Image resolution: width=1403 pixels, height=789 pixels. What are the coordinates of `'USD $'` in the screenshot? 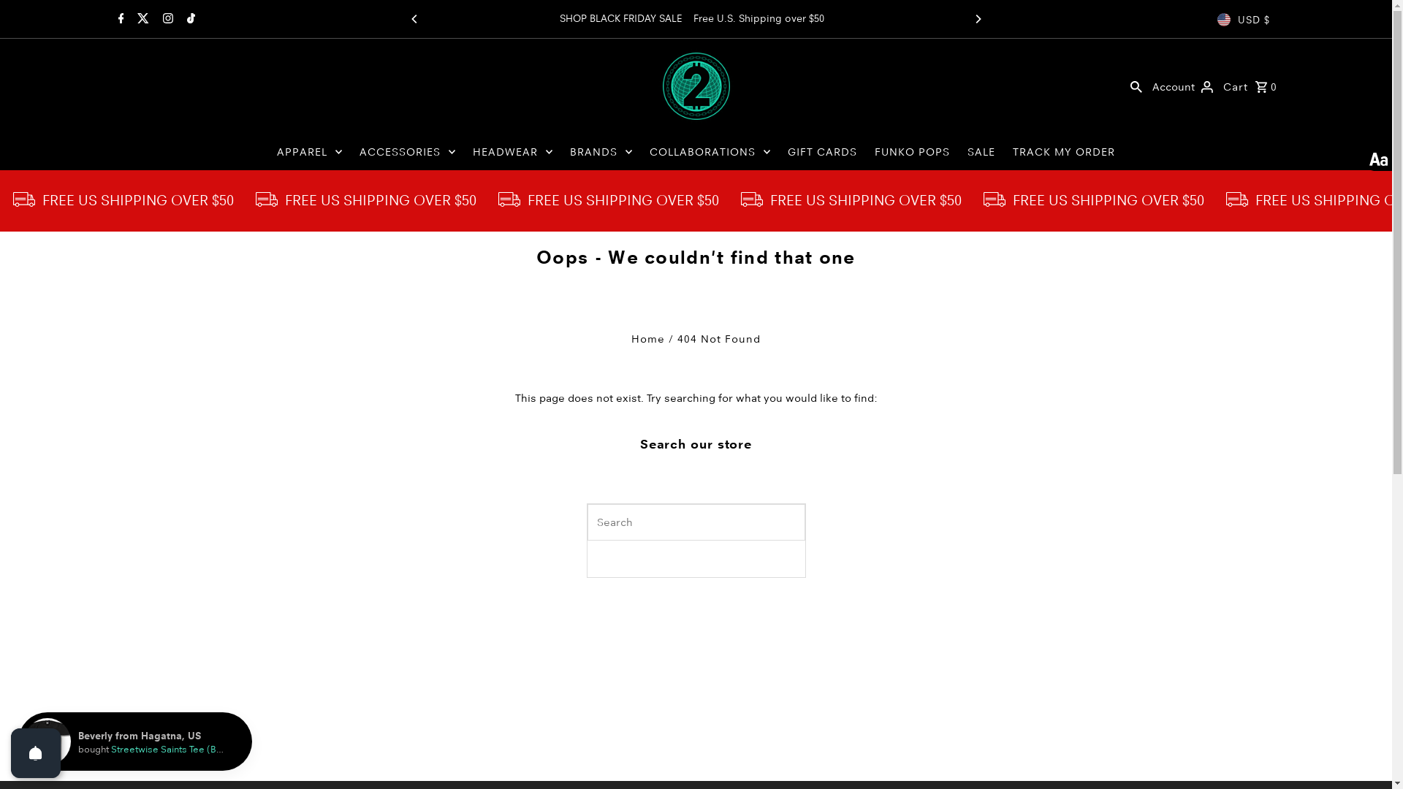 It's located at (1243, 20).